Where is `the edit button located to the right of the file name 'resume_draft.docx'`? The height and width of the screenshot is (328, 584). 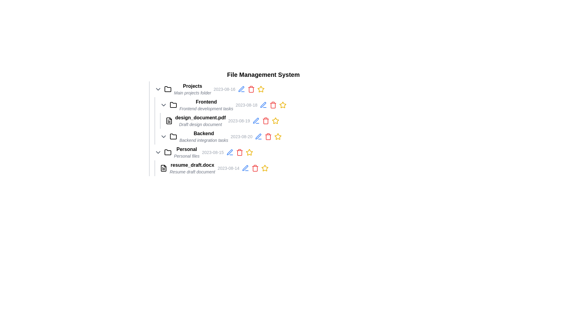 the edit button located to the right of the file name 'resume_draft.docx' is located at coordinates (245, 168).